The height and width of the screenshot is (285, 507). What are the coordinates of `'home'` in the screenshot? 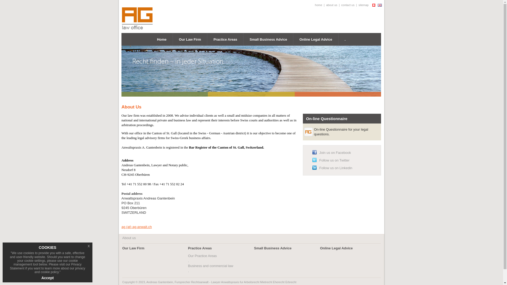 It's located at (318, 5).